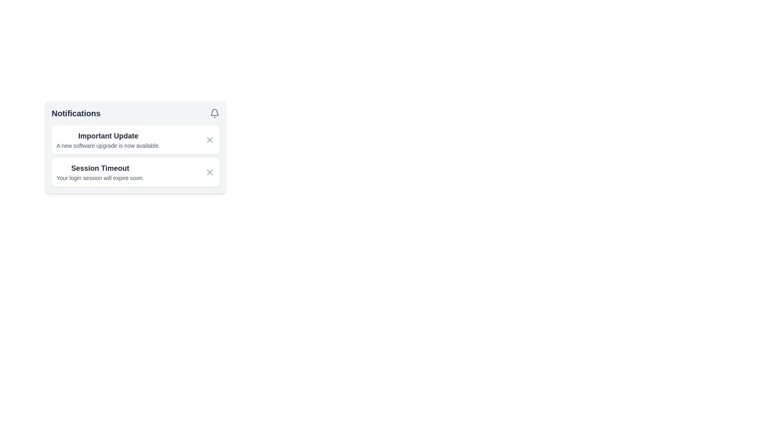 This screenshot has width=775, height=436. I want to click on the 'X' icon button in the top-right corner of the 'Important Update' notification card, so click(209, 172).